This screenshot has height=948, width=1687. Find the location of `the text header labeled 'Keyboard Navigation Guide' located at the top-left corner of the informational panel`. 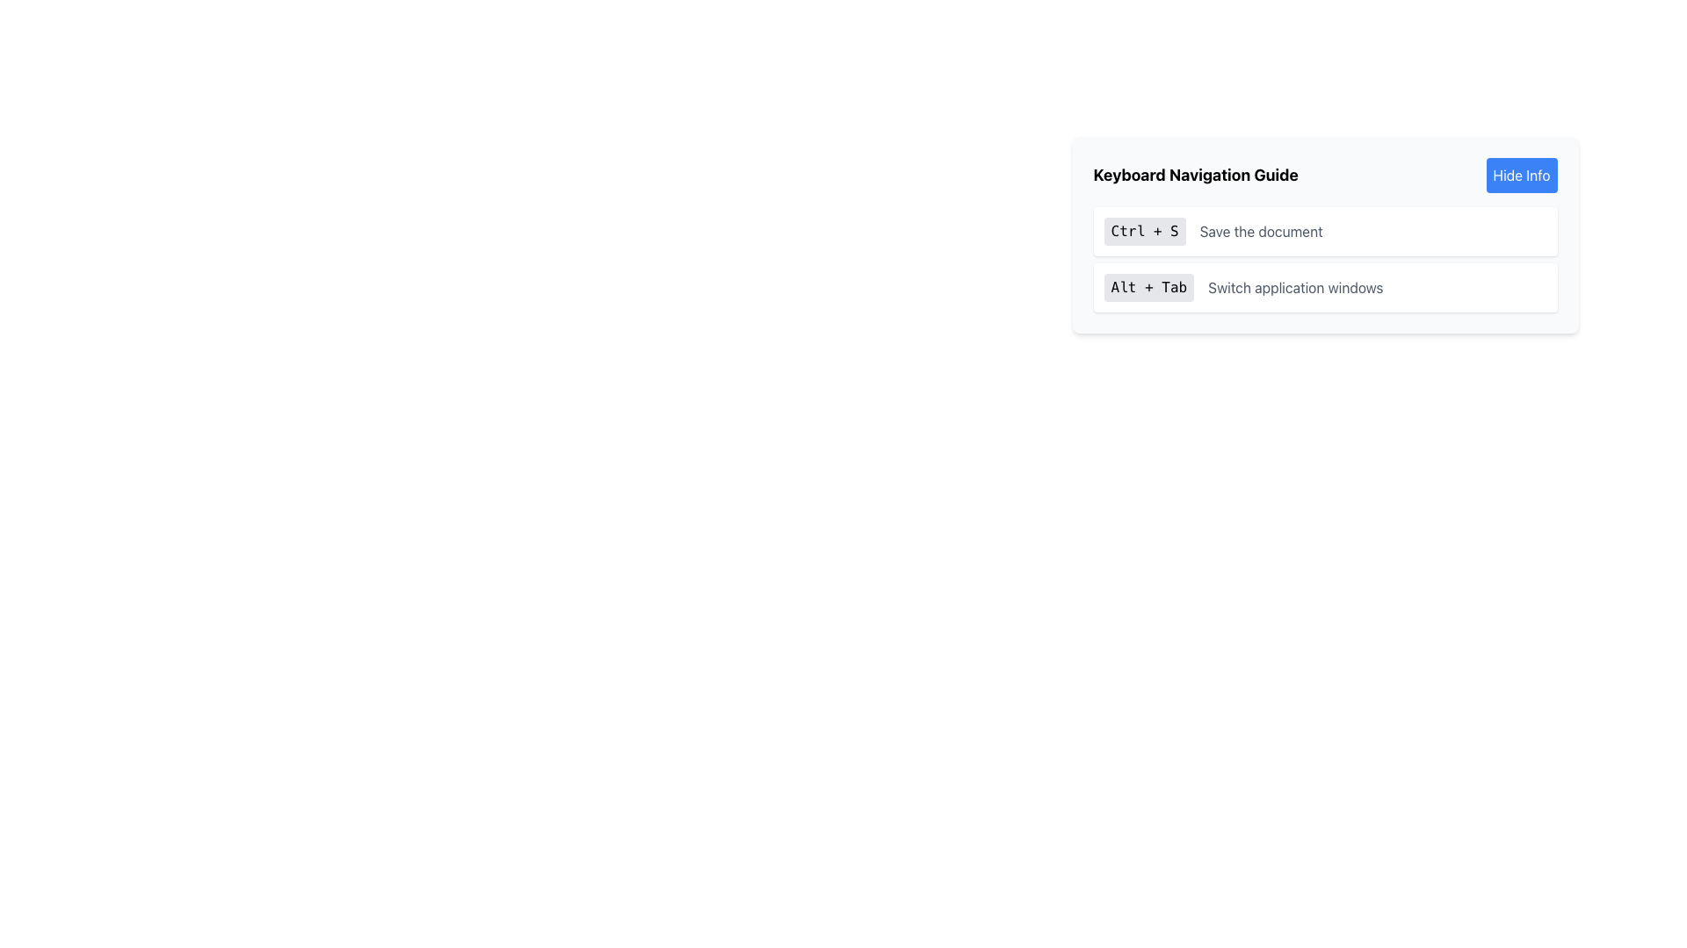

the text header labeled 'Keyboard Navigation Guide' located at the top-left corner of the informational panel is located at coordinates (1195, 176).